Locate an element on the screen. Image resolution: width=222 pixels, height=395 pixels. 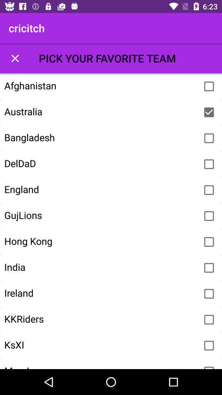
australia as your team is located at coordinates (209, 112).